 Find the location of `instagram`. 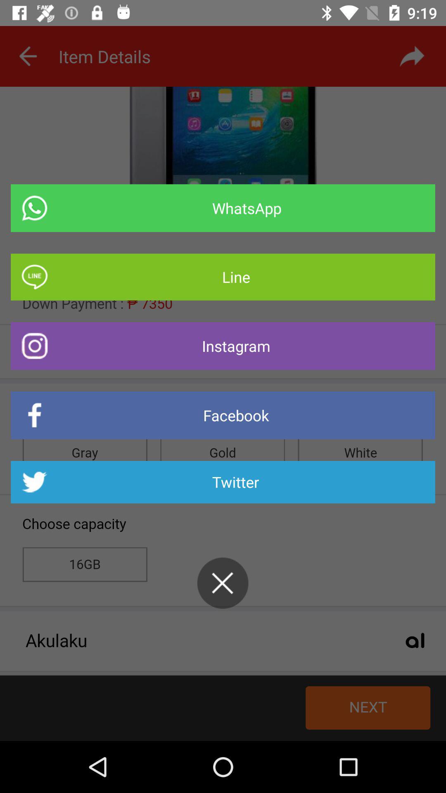

instagram is located at coordinates (223, 346).